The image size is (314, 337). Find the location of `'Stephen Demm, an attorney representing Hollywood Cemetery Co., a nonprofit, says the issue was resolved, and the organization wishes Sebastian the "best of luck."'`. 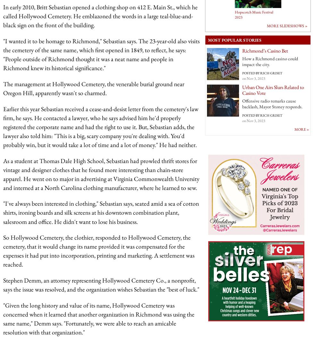

'Stephen Demm, an attorney representing Hollywood Cemetery Co., a nonprofit, says the issue was resolved, and the organization wishes Sebastian the "best of luck."' is located at coordinates (101, 285).